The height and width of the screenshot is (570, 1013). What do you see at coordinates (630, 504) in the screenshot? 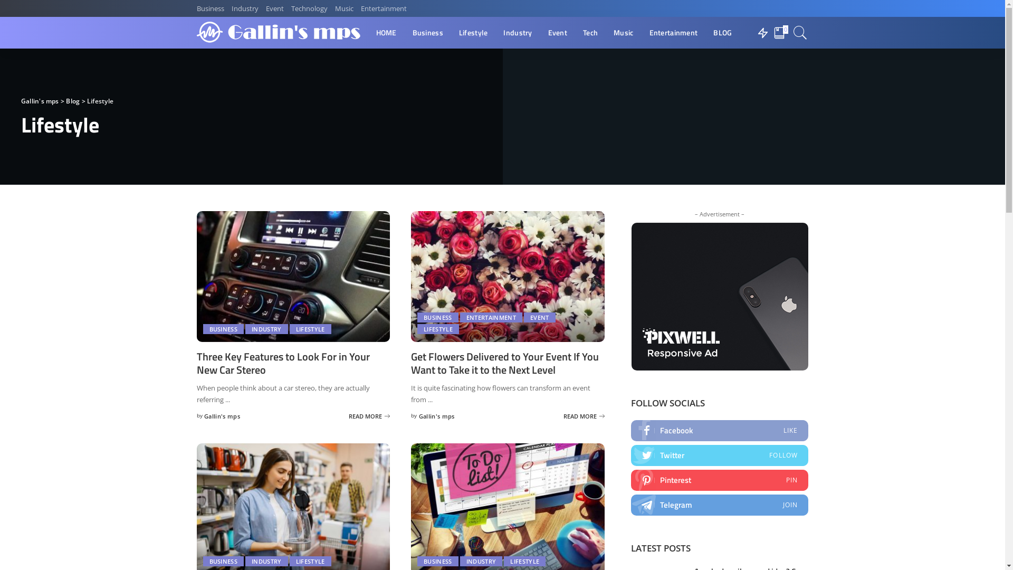
I see `'Telegram'` at bounding box center [630, 504].